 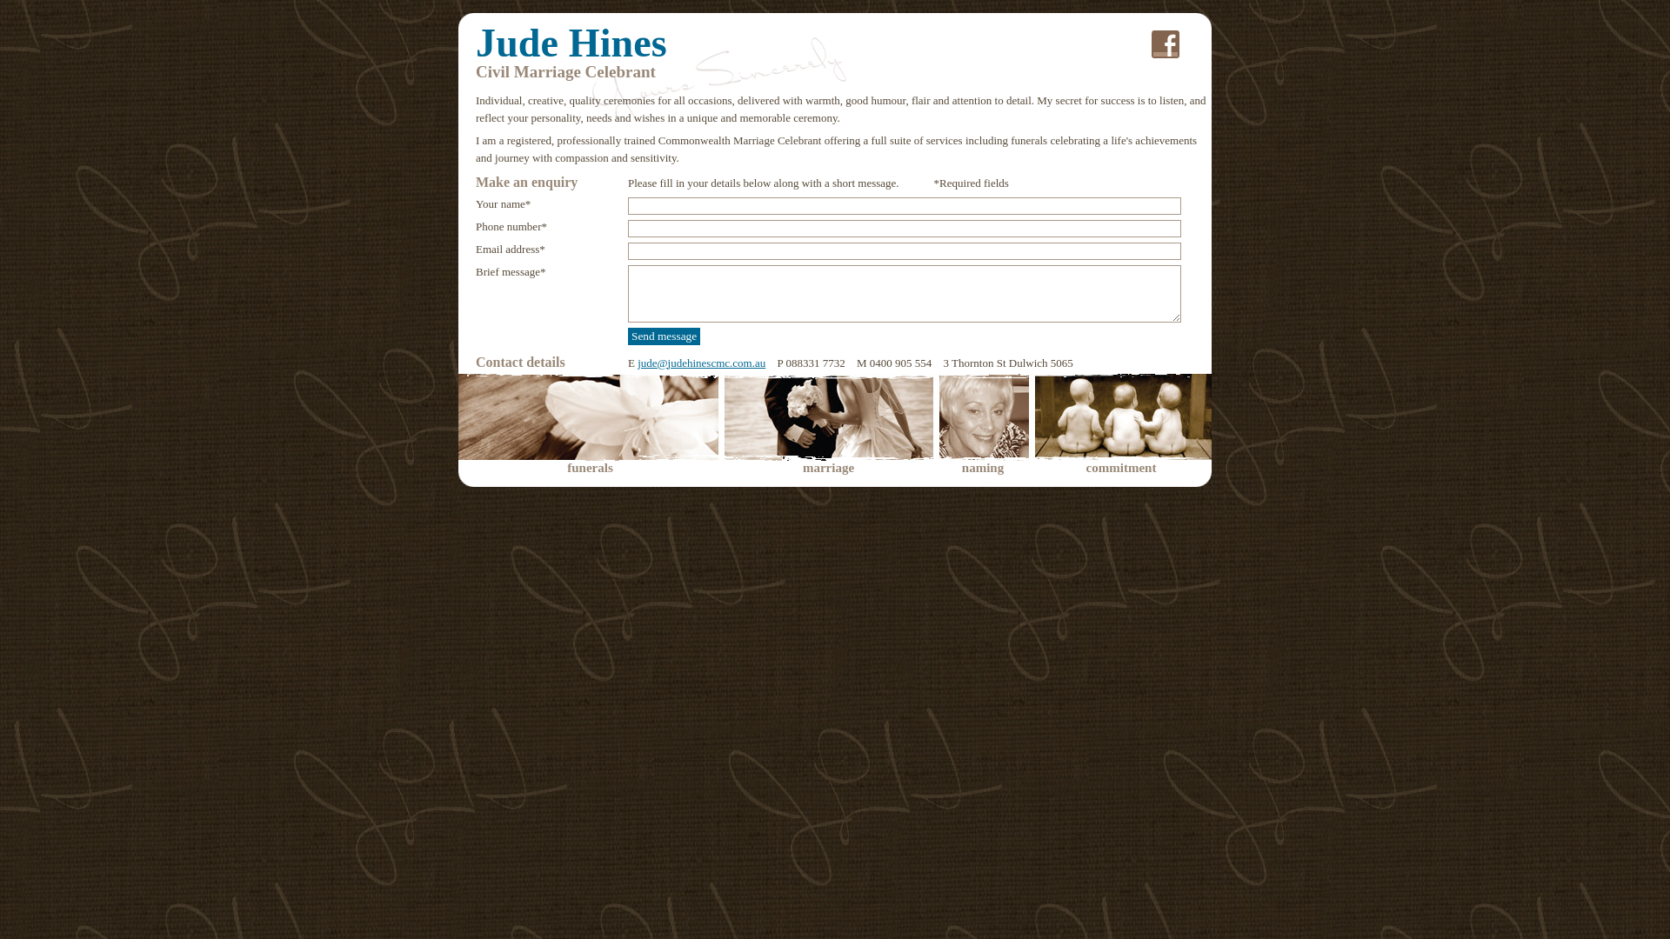 What do you see at coordinates (1152, 43) in the screenshot?
I see `'.'` at bounding box center [1152, 43].